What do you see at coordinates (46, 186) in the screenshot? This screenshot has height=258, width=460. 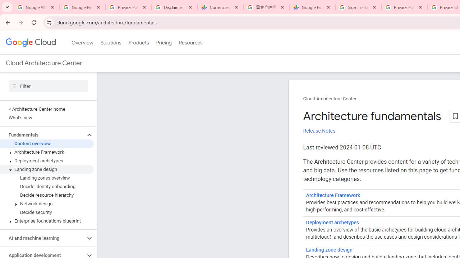 I see `'Decide identity onboarding'` at bounding box center [46, 186].